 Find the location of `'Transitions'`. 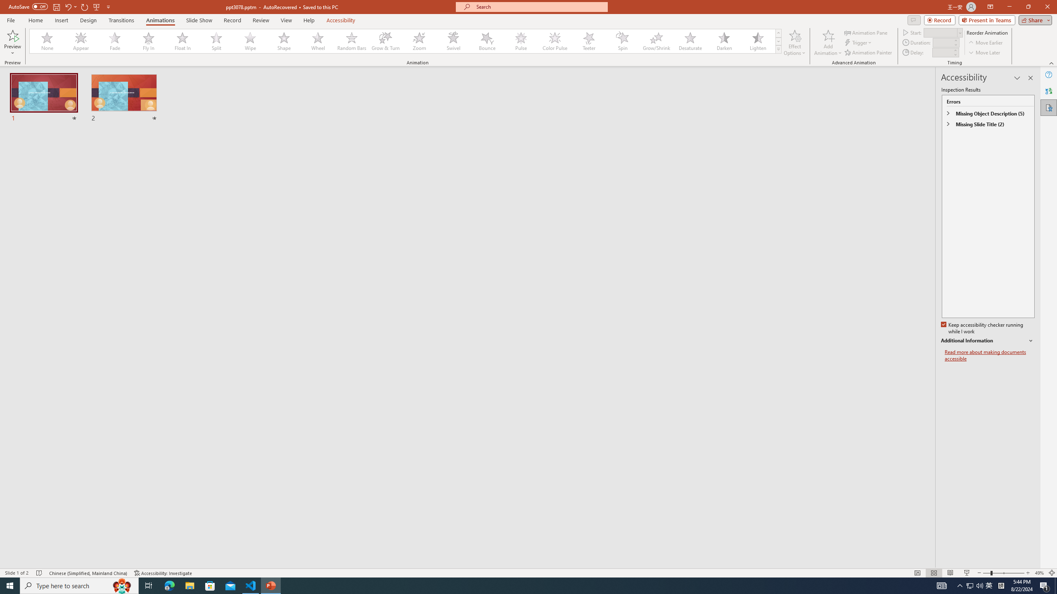

'Transitions' is located at coordinates (121, 20).